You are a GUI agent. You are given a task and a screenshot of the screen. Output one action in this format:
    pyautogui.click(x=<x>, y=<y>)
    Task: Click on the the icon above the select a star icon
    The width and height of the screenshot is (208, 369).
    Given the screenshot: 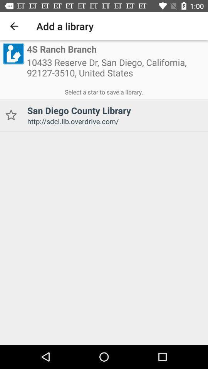 What is the action you would take?
    pyautogui.click(x=116, y=70)
    